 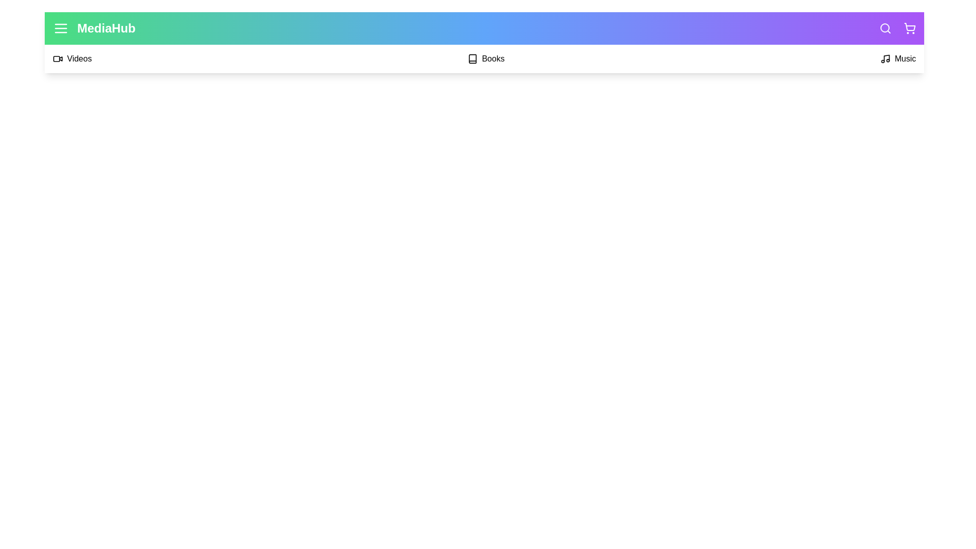 I want to click on the search icon to access the search functionality, so click(x=885, y=28).